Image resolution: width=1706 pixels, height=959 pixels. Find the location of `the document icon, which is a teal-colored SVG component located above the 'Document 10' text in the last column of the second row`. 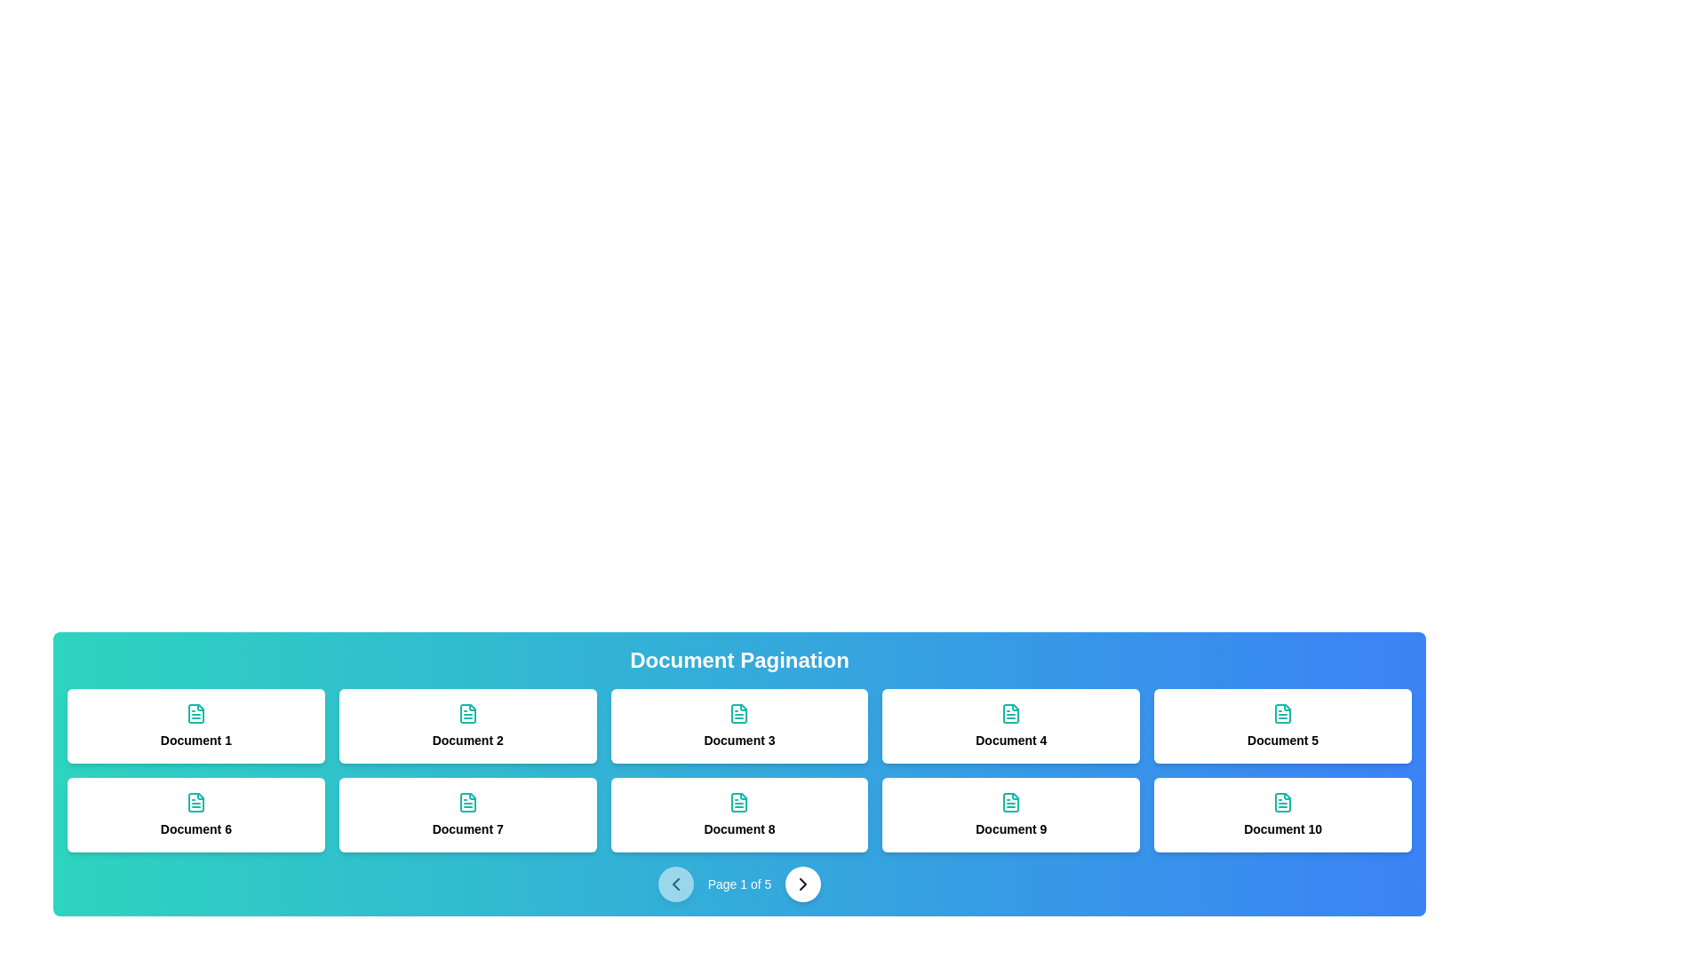

the document icon, which is a teal-colored SVG component located above the 'Document 10' text in the last column of the second row is located at coordinates (1283, 802).